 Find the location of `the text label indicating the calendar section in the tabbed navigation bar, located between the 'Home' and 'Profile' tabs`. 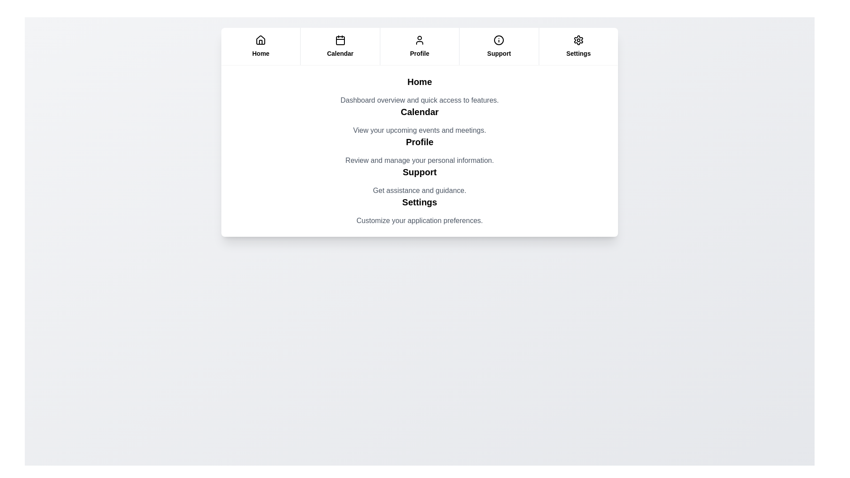

the text label indicating the calendar section in the tabbed navigation bar, located between the 'Home' and 'Profile' tabs is located at coordinates (340, 53).